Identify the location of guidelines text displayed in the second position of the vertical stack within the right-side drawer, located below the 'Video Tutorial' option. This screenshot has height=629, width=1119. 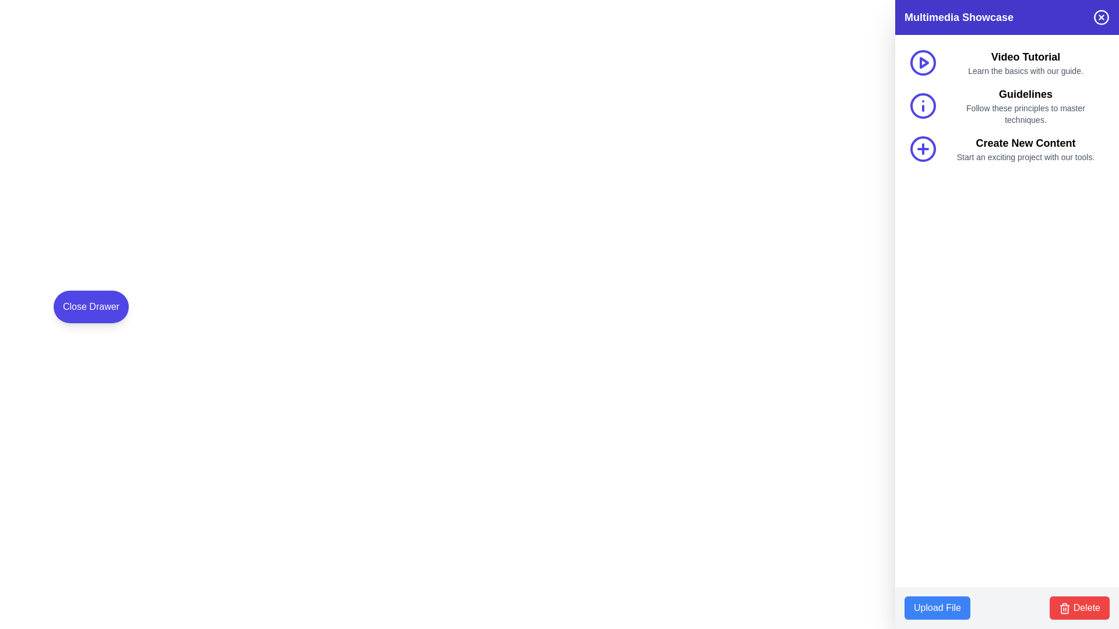
(1026, 105).